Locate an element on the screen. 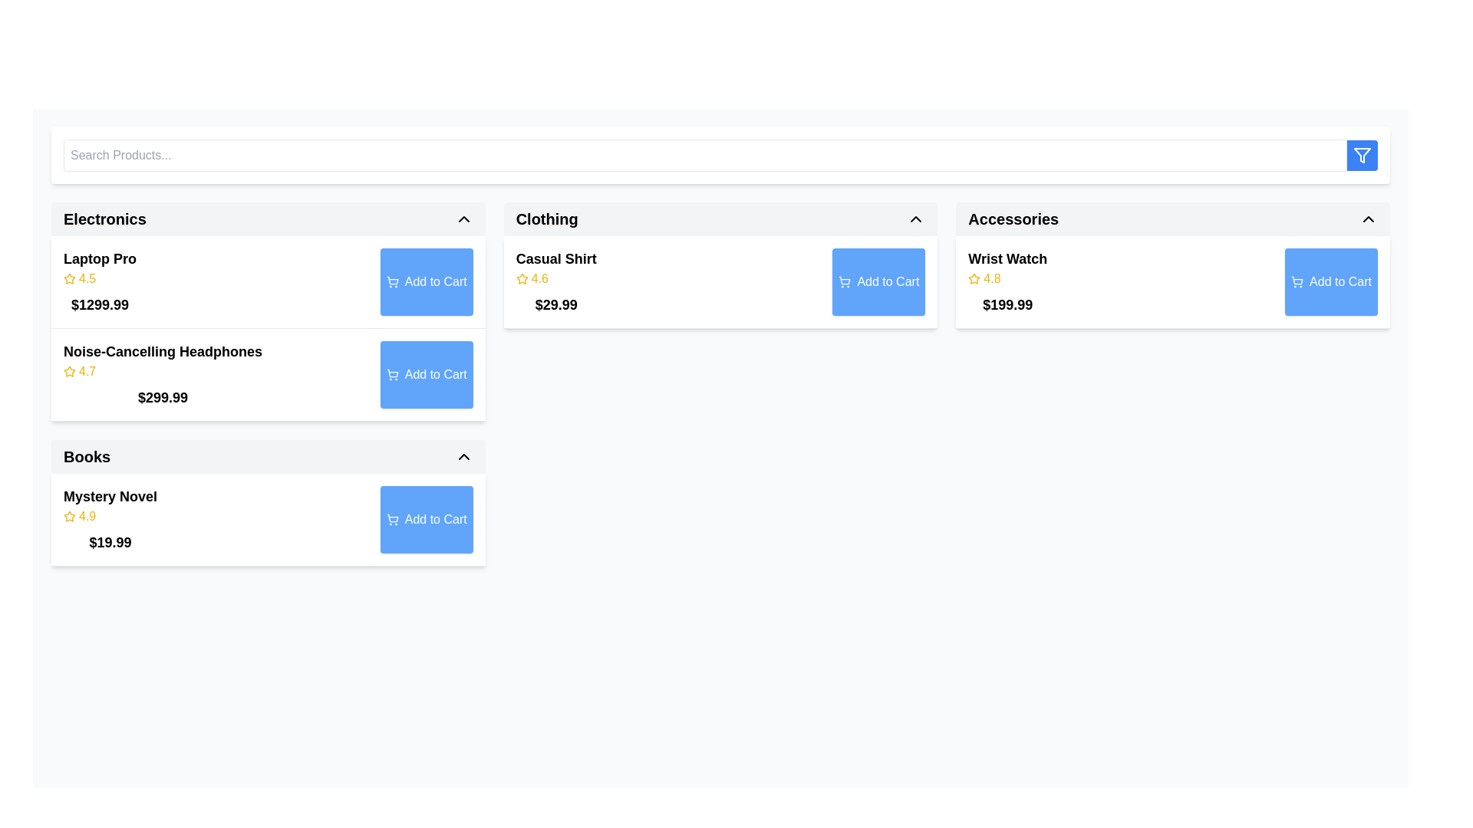  the 'Mystery Novel' text label, which is a bold, large-sized font representing a book title in the 'Books' section is located at coordinates (110, 497).